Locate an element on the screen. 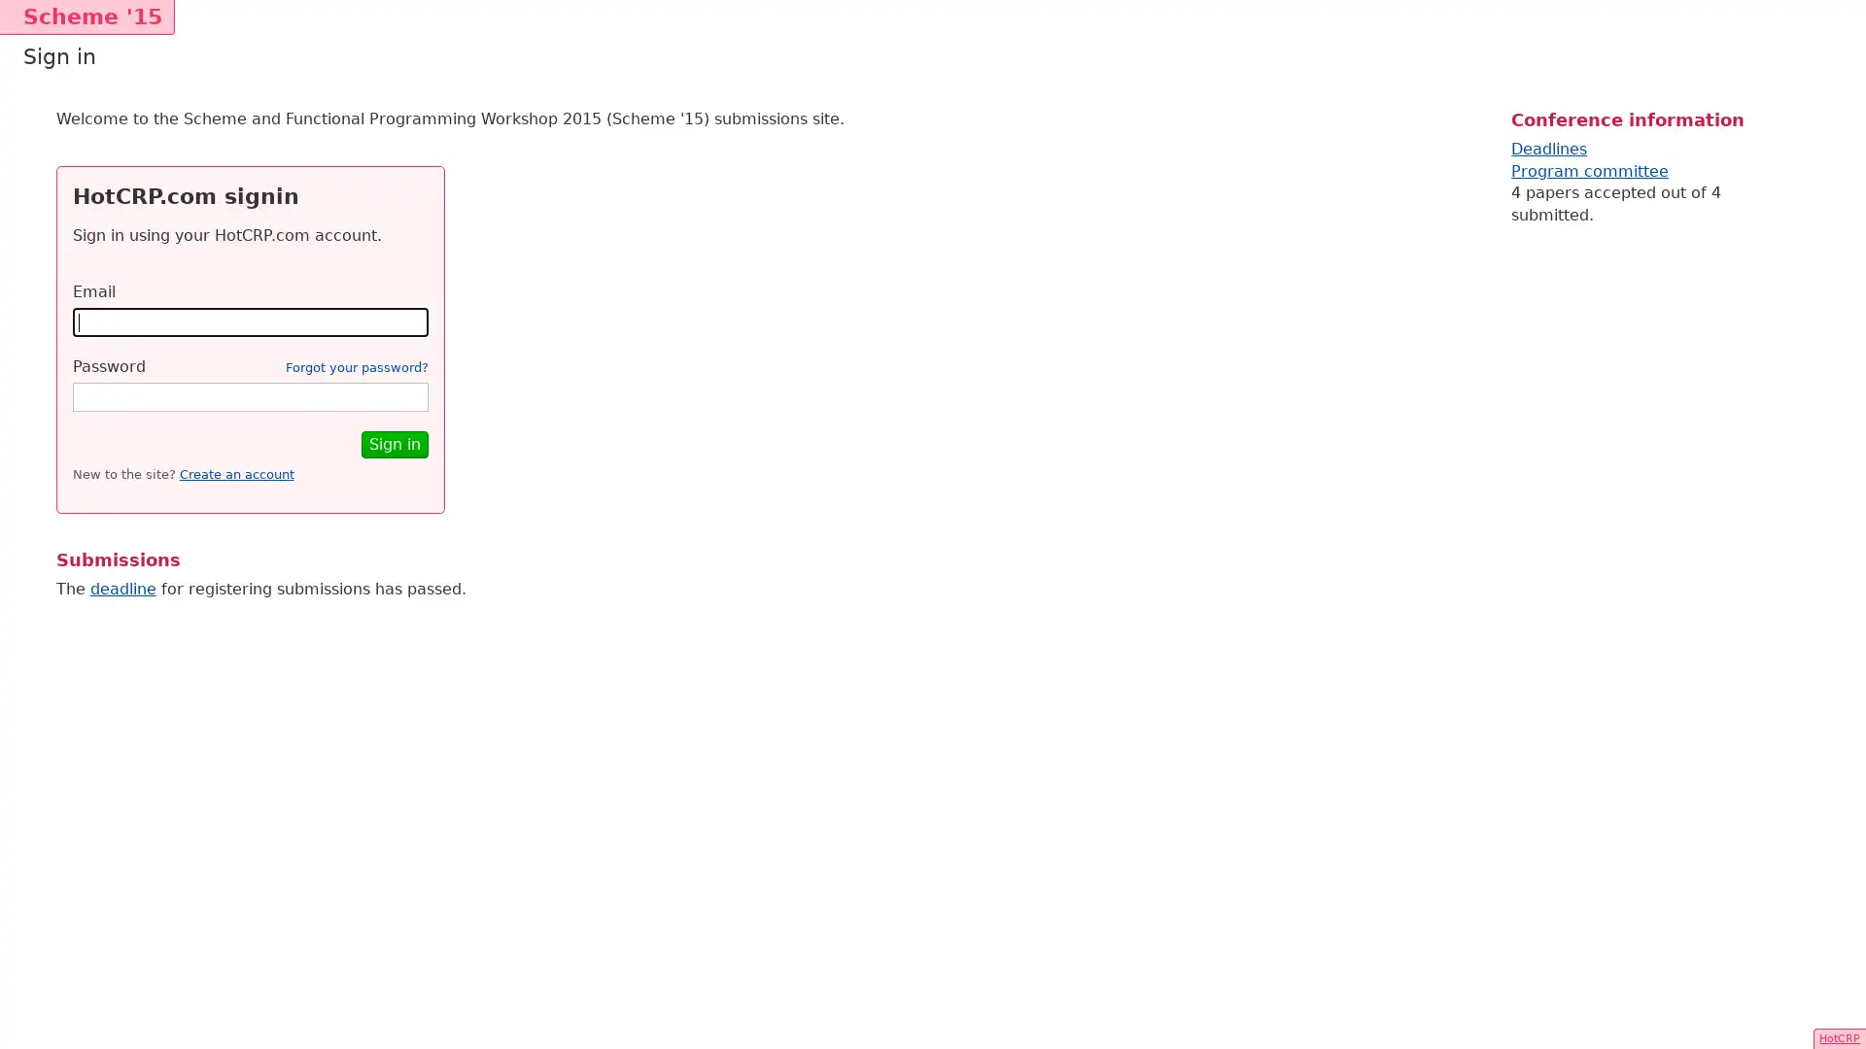  Sign in is located at coordinates (393, 444).